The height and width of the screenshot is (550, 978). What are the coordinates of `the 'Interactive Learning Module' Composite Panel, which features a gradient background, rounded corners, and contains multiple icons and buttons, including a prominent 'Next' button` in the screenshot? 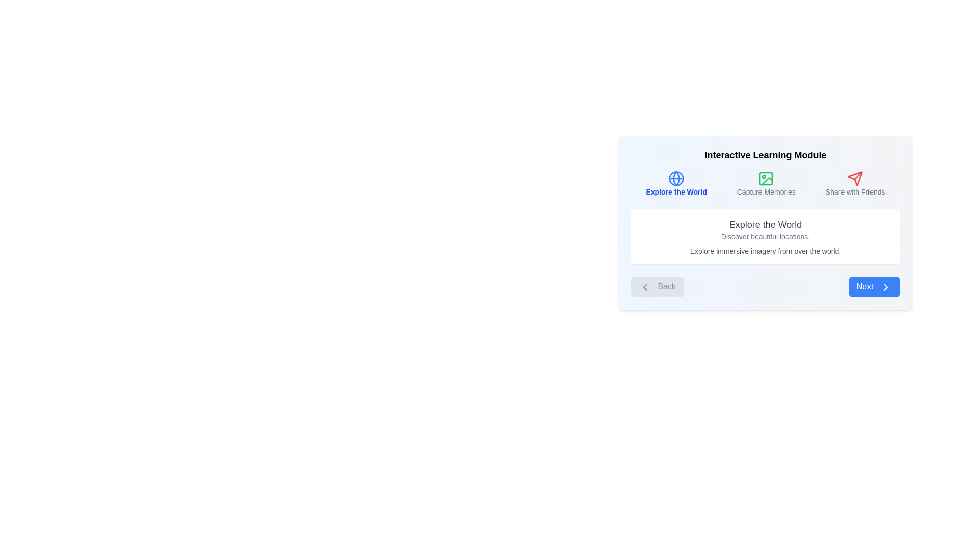 It's located at (765, 222).